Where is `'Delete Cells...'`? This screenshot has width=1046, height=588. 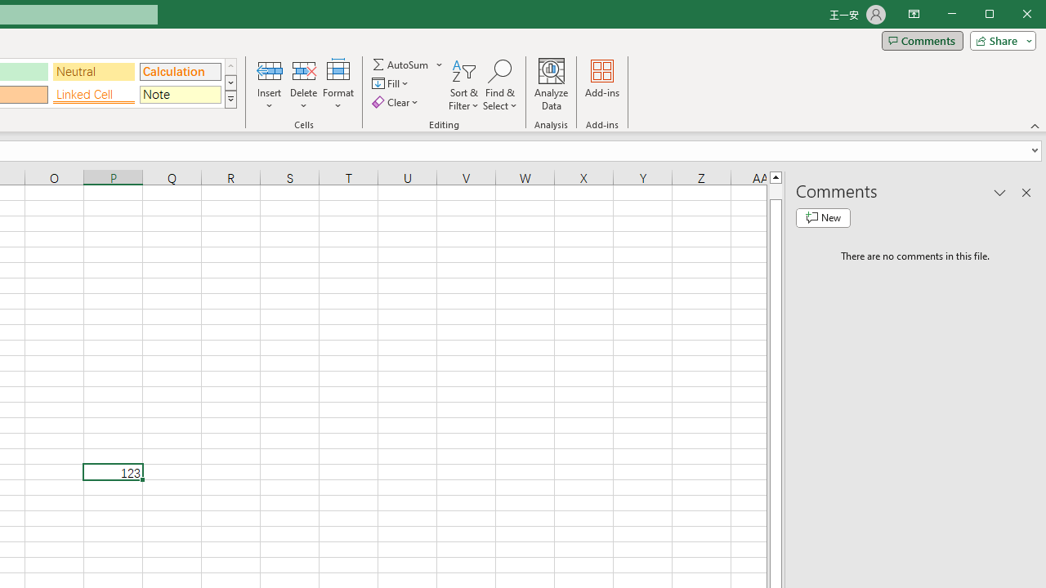
'Delete Cells...' is located at coordinates (303, 69).